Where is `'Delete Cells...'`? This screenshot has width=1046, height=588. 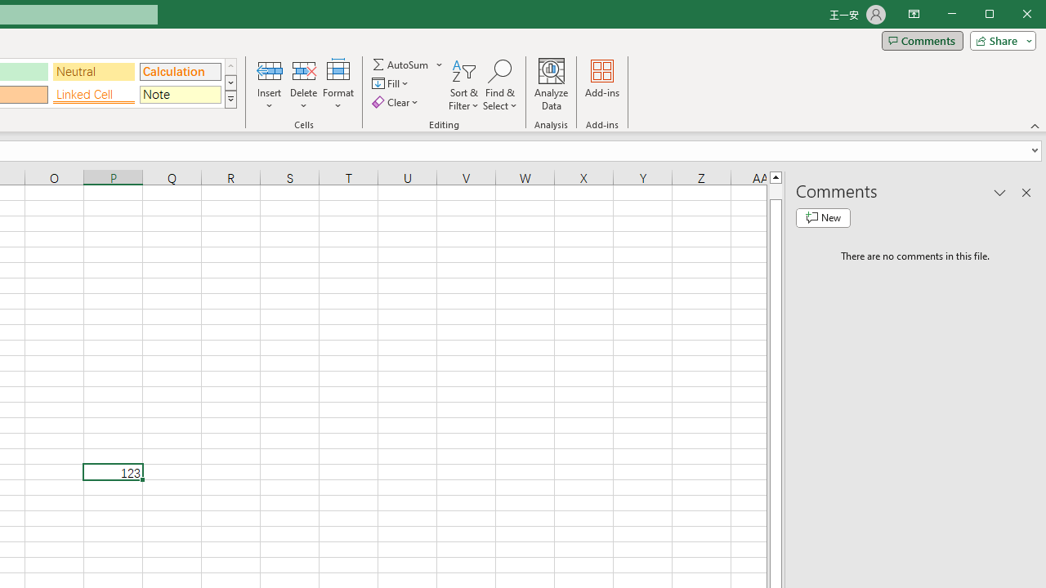
'Delete Cells...' is located at coordinates (303, 69).